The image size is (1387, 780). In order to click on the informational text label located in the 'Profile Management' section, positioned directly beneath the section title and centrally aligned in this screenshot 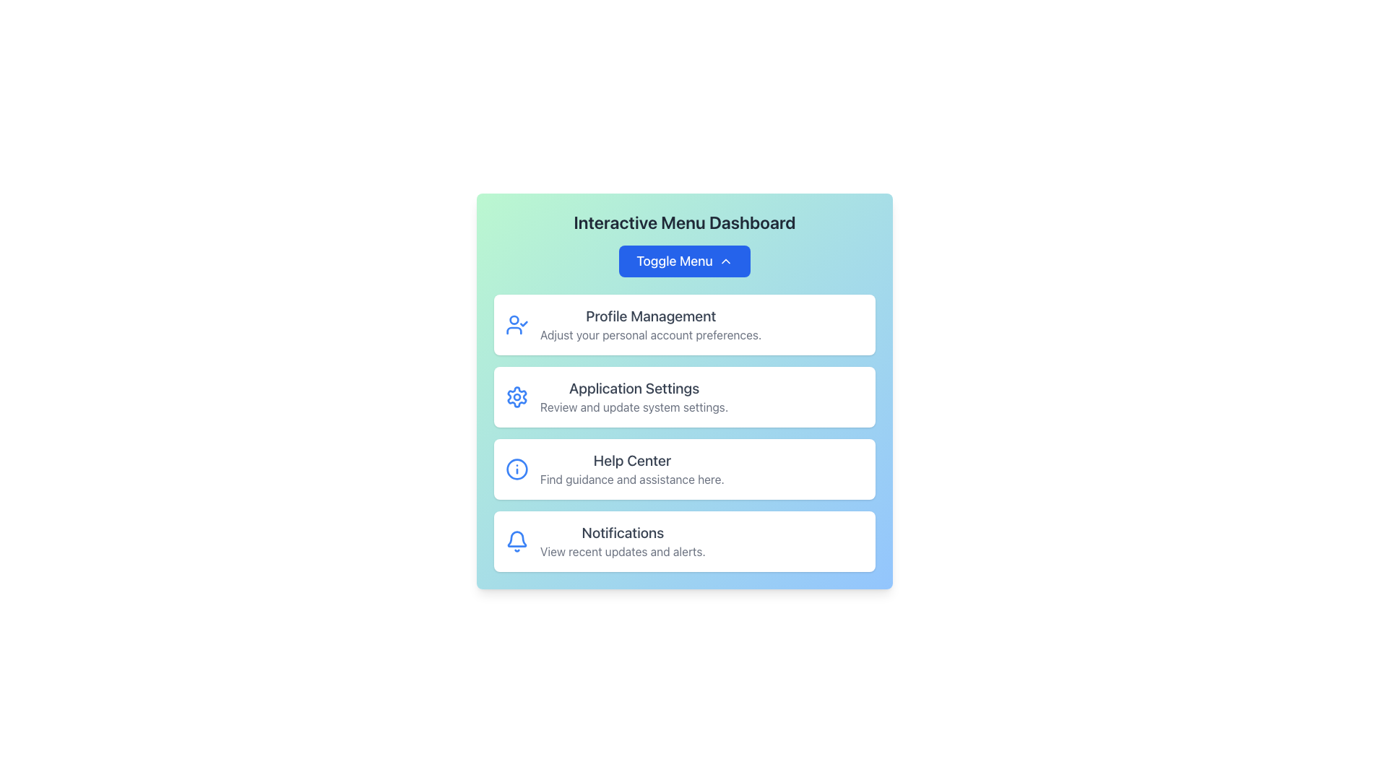, I will do `click(650, 334)`.